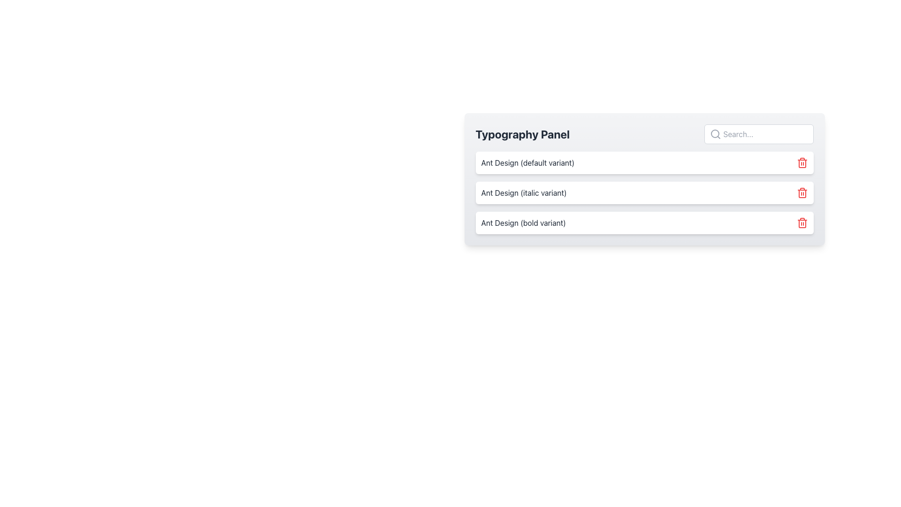 The height and width of the screenshot is (507, 901). Describe the element at coordinates (523, 223) in the screenshot. I see `informational text label displaying 'Ant Design (bold variant)' at the bottom of the Typography Panel, located just below the italic variant label` at that location.